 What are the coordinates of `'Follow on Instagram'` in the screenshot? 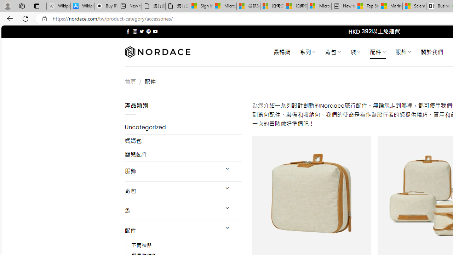 It's located at (135, 31).